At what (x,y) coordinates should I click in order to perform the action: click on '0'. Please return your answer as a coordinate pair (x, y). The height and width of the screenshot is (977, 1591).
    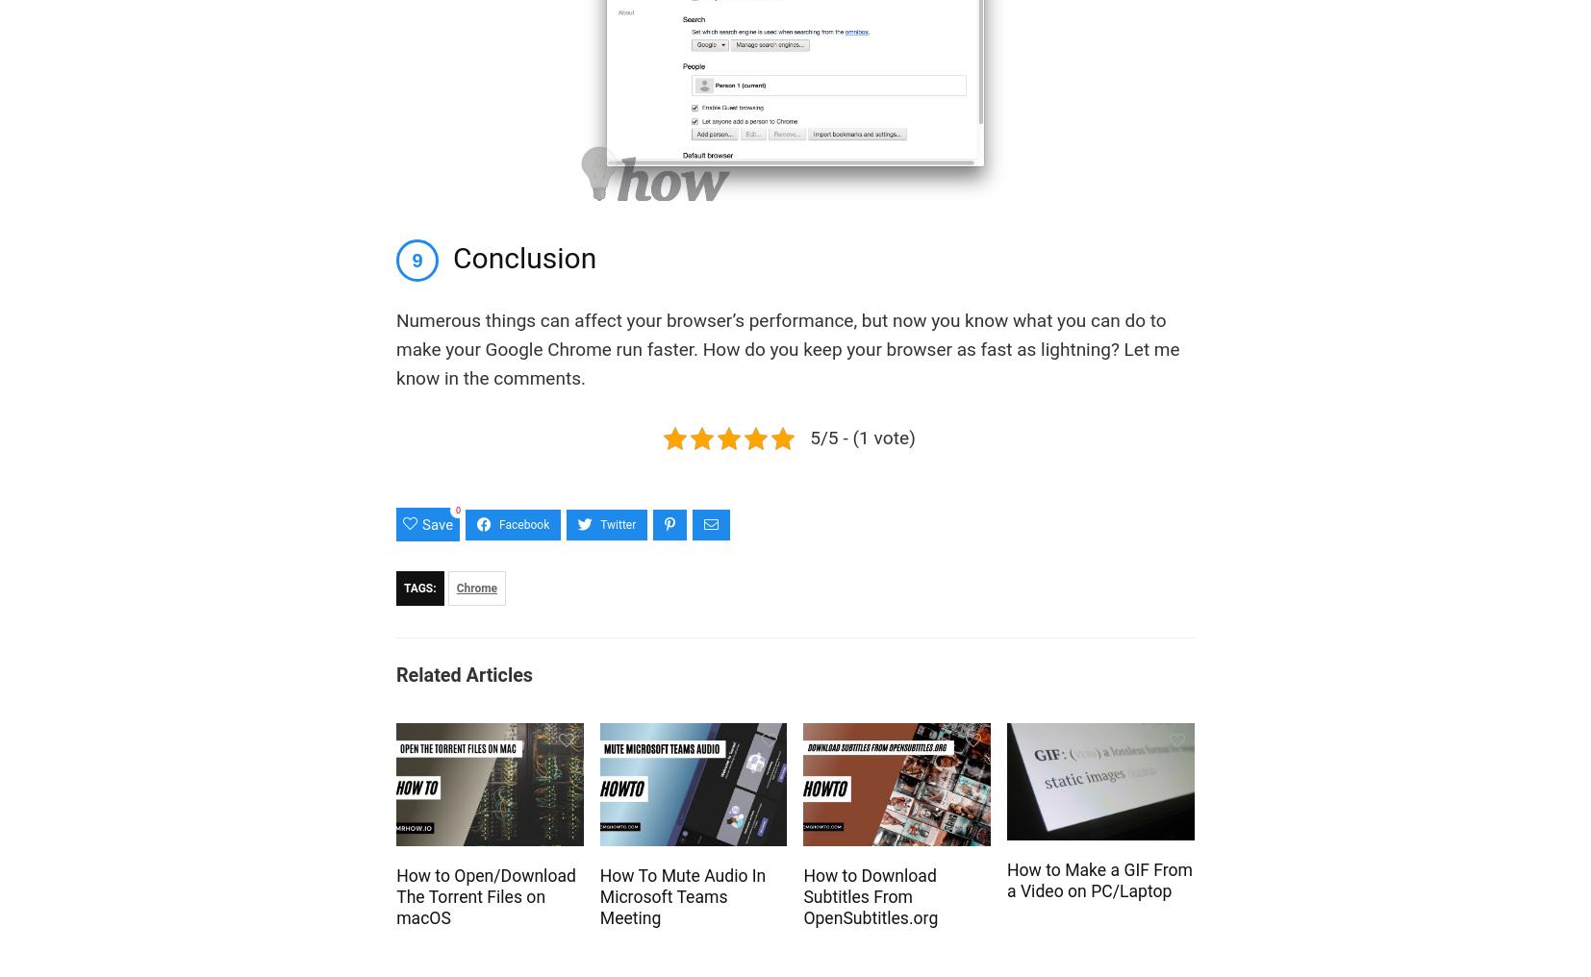
    Looking at the image, I should click on (456, 509).